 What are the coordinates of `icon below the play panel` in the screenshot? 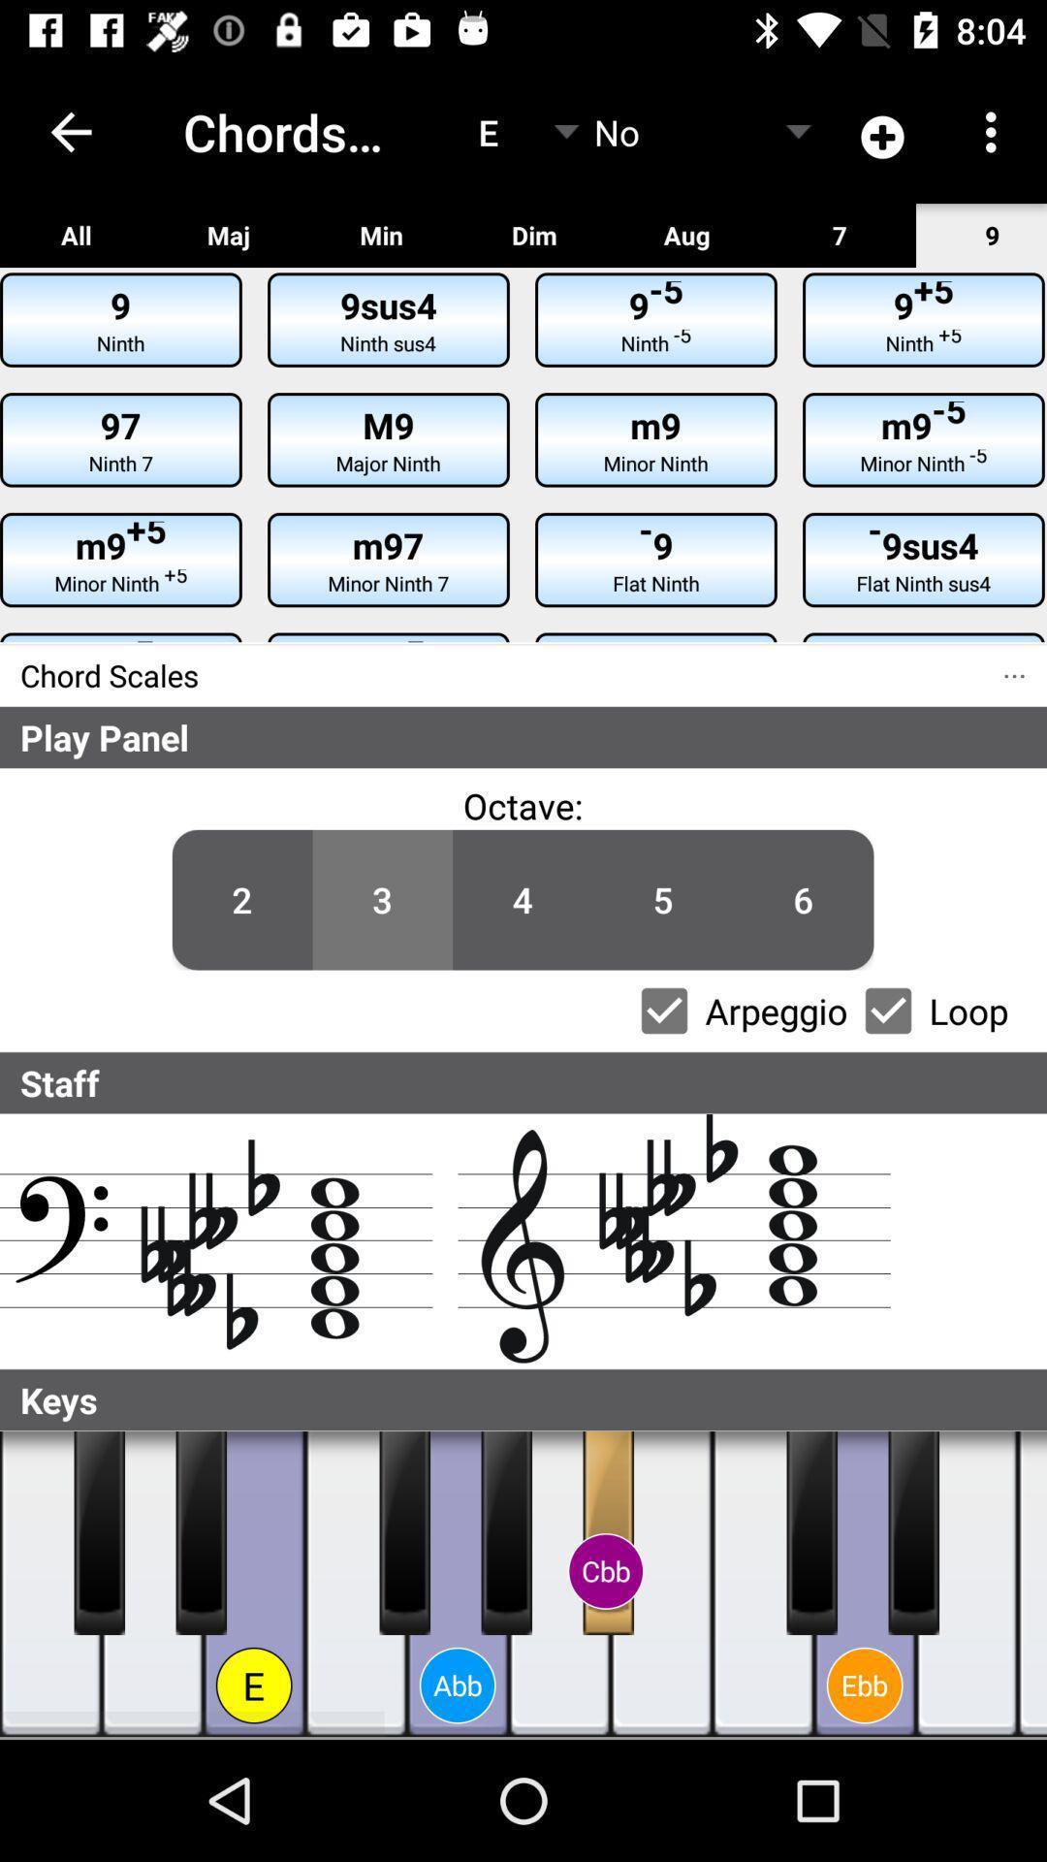 It's located at (19, 909).